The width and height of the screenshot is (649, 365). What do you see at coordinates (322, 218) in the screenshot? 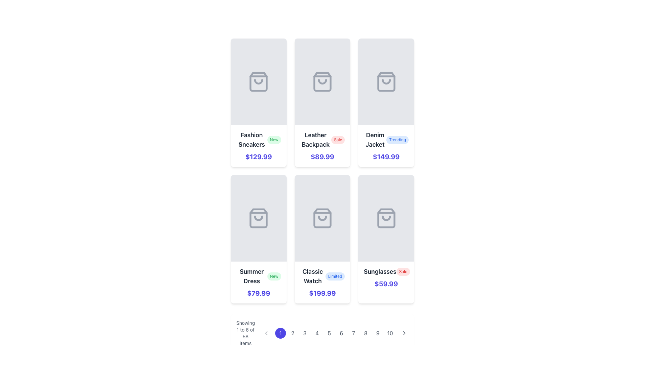
I see `the shopping bag icon in the 'Classic Watch' card, which is visually represented as an SVG graphic with a curved bottom line and minimalistic design, located in the second row, center column of the grid layout` at bounding box center [322, 218].